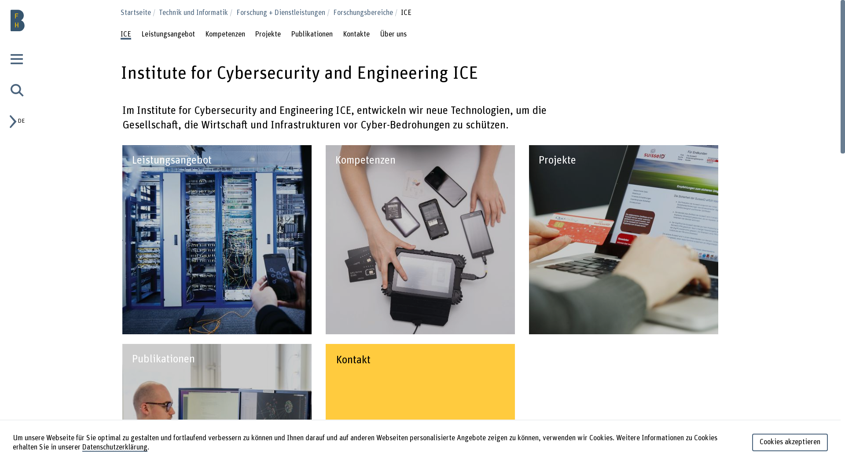 The width and height of the screenshot is (845, 475). Describe the element at coordinates (196, 13) in the screenshot. I see `'Technik und Informatik'` at that location.